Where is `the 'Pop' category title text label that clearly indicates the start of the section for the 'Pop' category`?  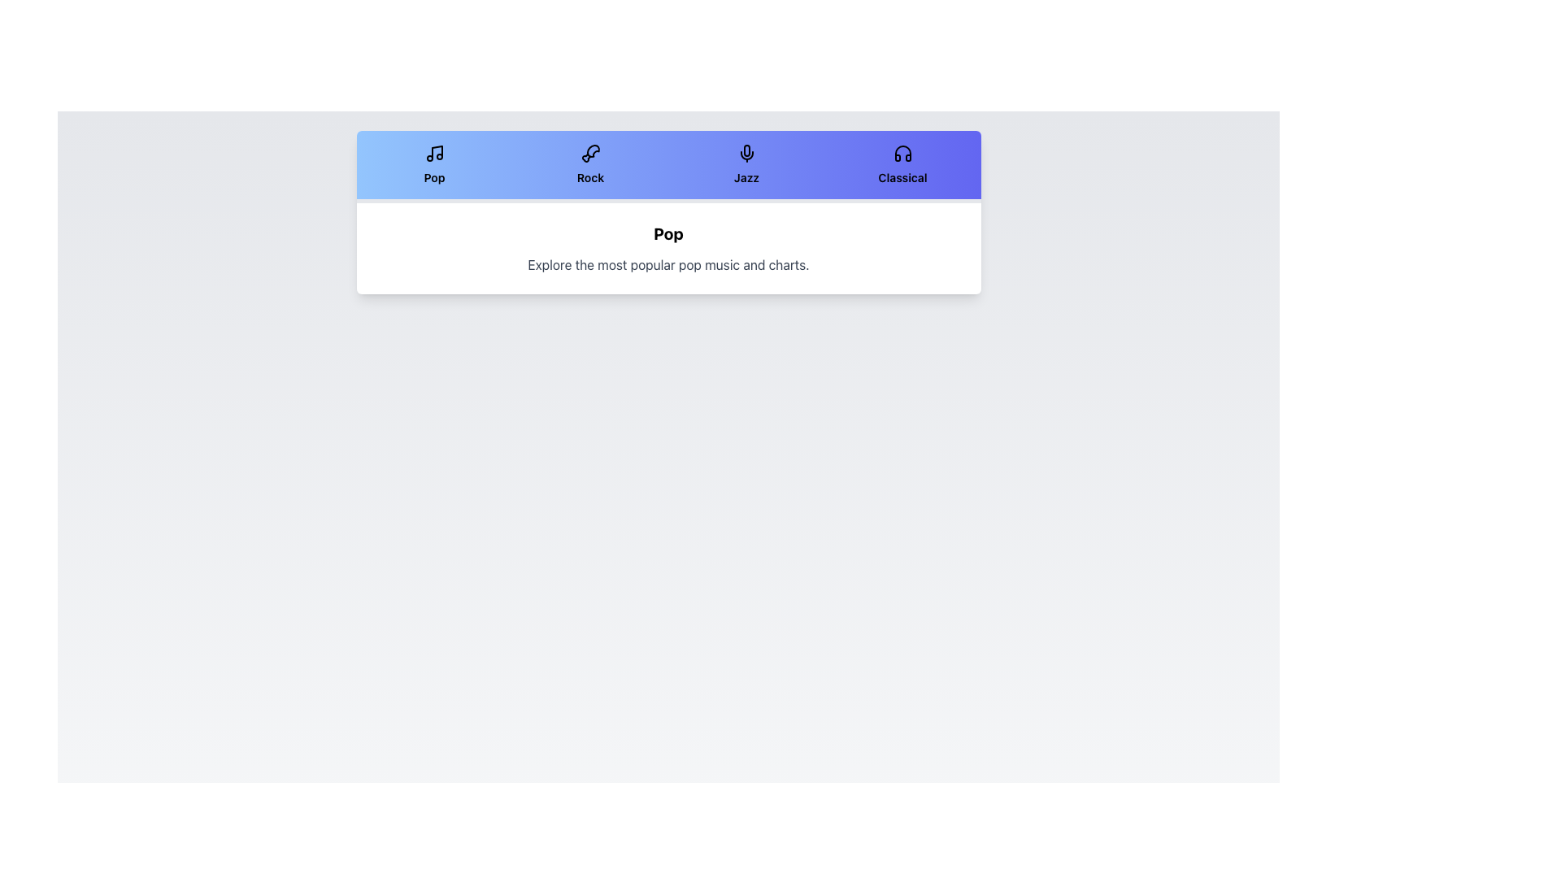
the 'Pop' category title text label that clearly indicates the start of the section for the 'Pop' category is located at coordinates (668, 234).